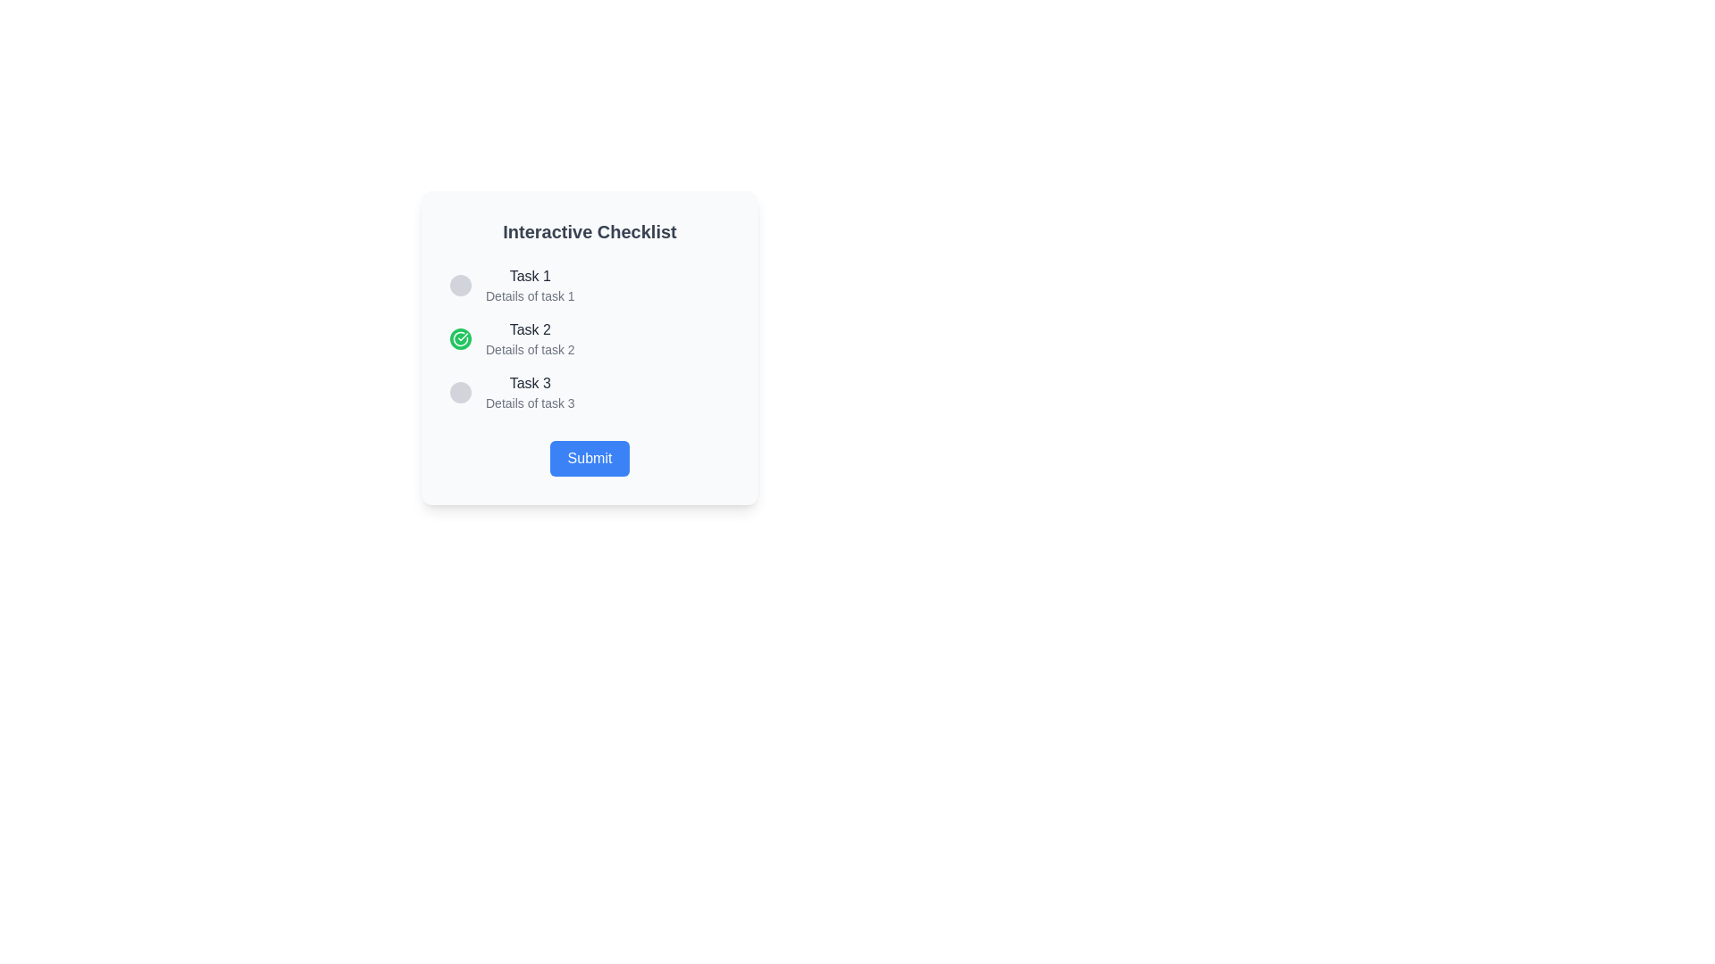 Image resolution: width=1715 pixels, height=964 pixels. What do you see at coordinates (529, 295) in the screenshot?
I see `the gray text label reading 'Details of task 1' located below the heading 'Task 1' in the task checklist` at bounding box center [529, 295].